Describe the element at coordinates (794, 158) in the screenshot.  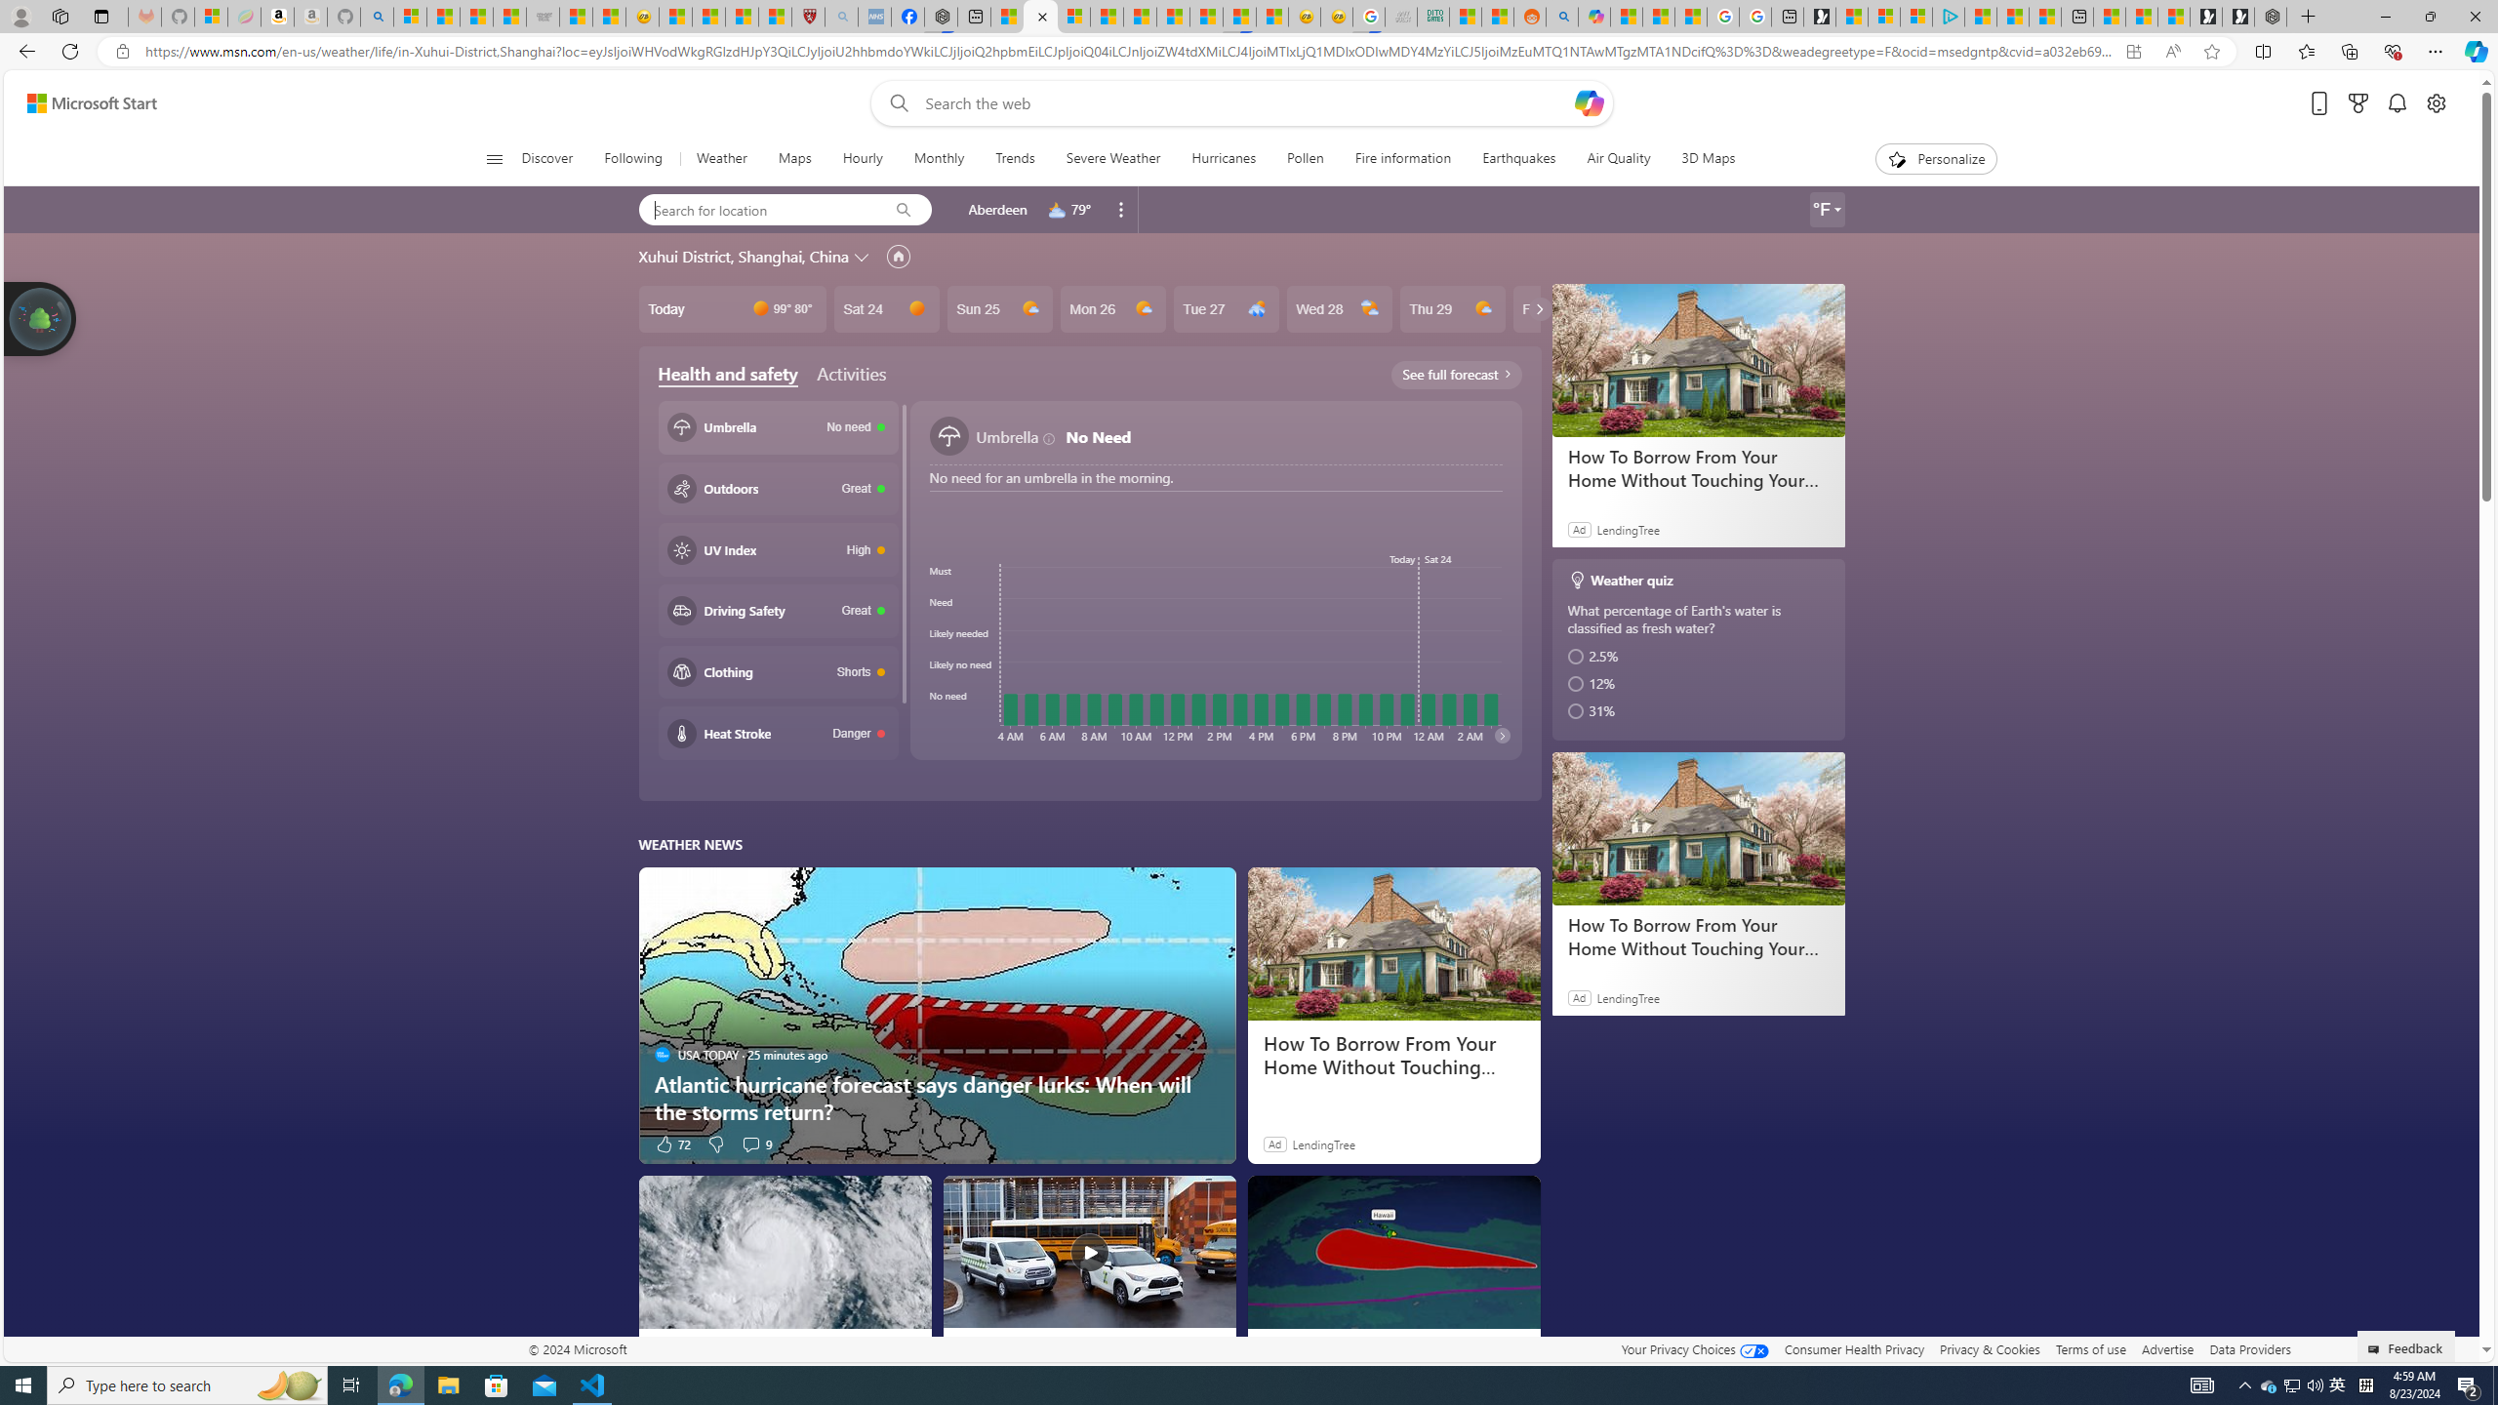
I see `'Maps'` at that location.